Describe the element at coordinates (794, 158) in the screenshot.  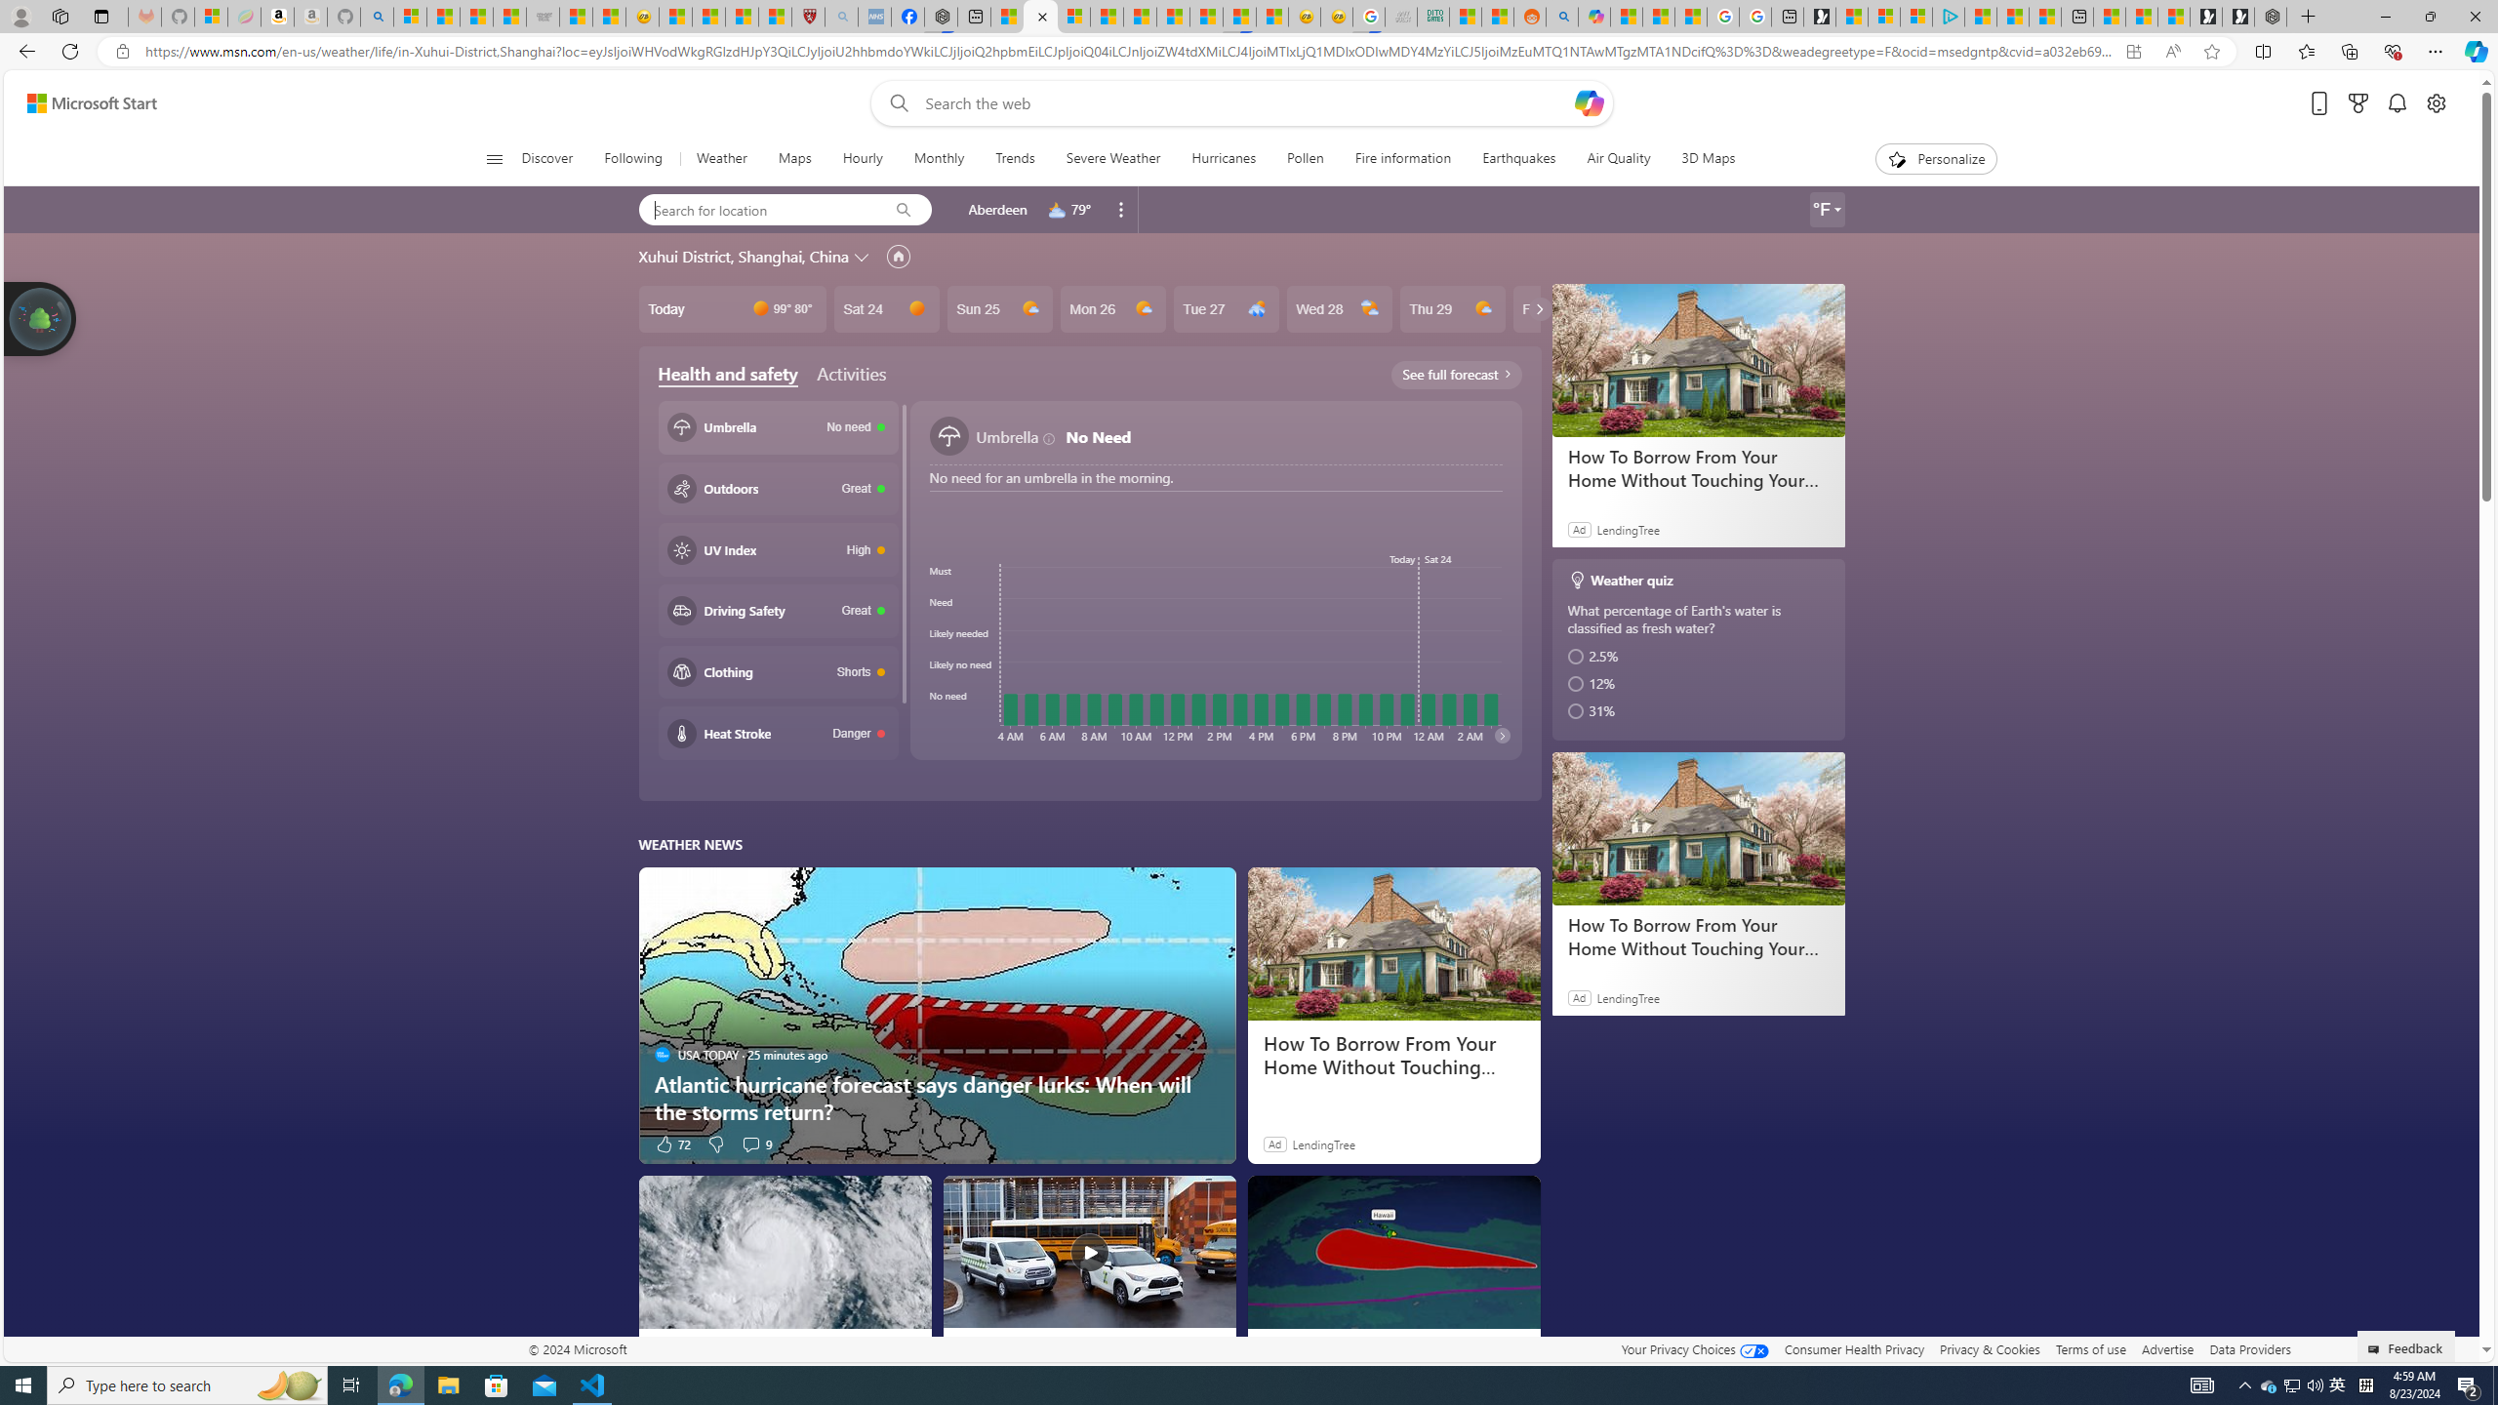
I see `'Maps'` at that location.